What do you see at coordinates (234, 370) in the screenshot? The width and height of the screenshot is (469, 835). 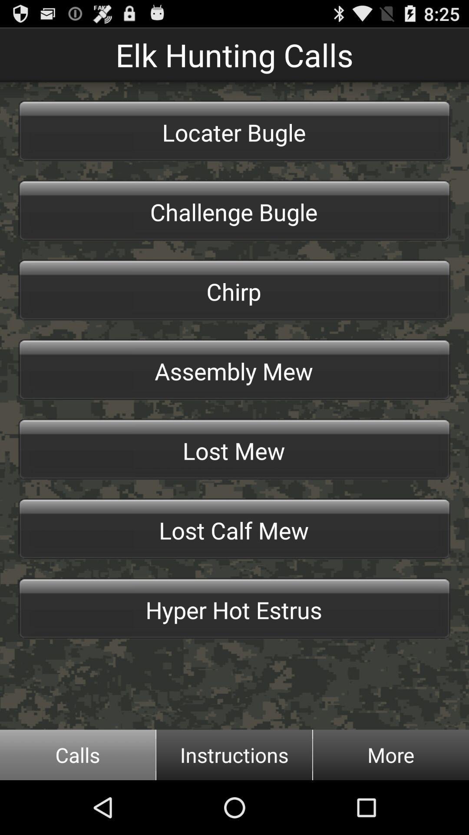 I see `item below chirp icon` at bounding box center [234, 370].